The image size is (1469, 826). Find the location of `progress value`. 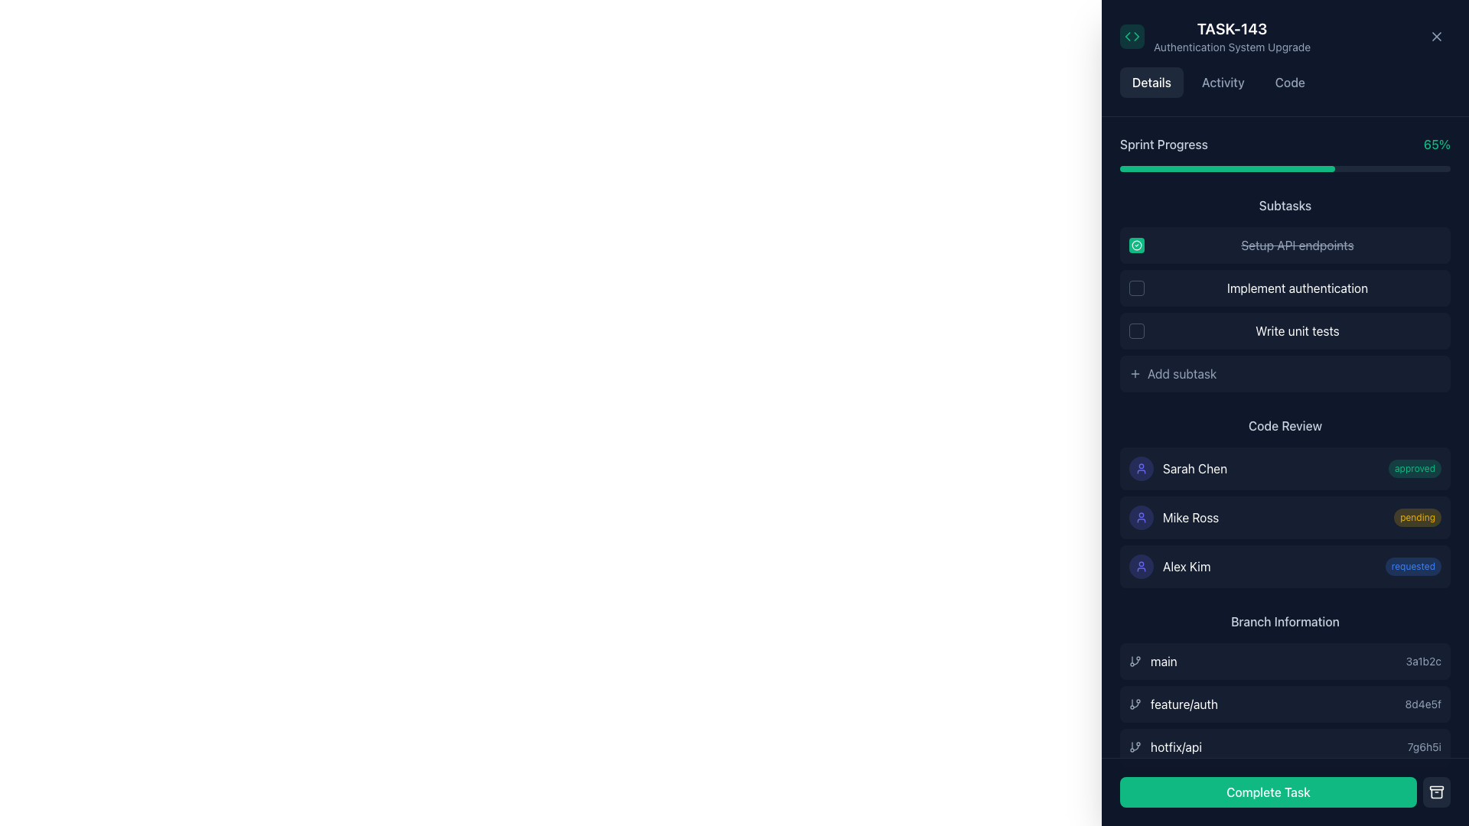

progress value is located at coordinates (1401, 168).